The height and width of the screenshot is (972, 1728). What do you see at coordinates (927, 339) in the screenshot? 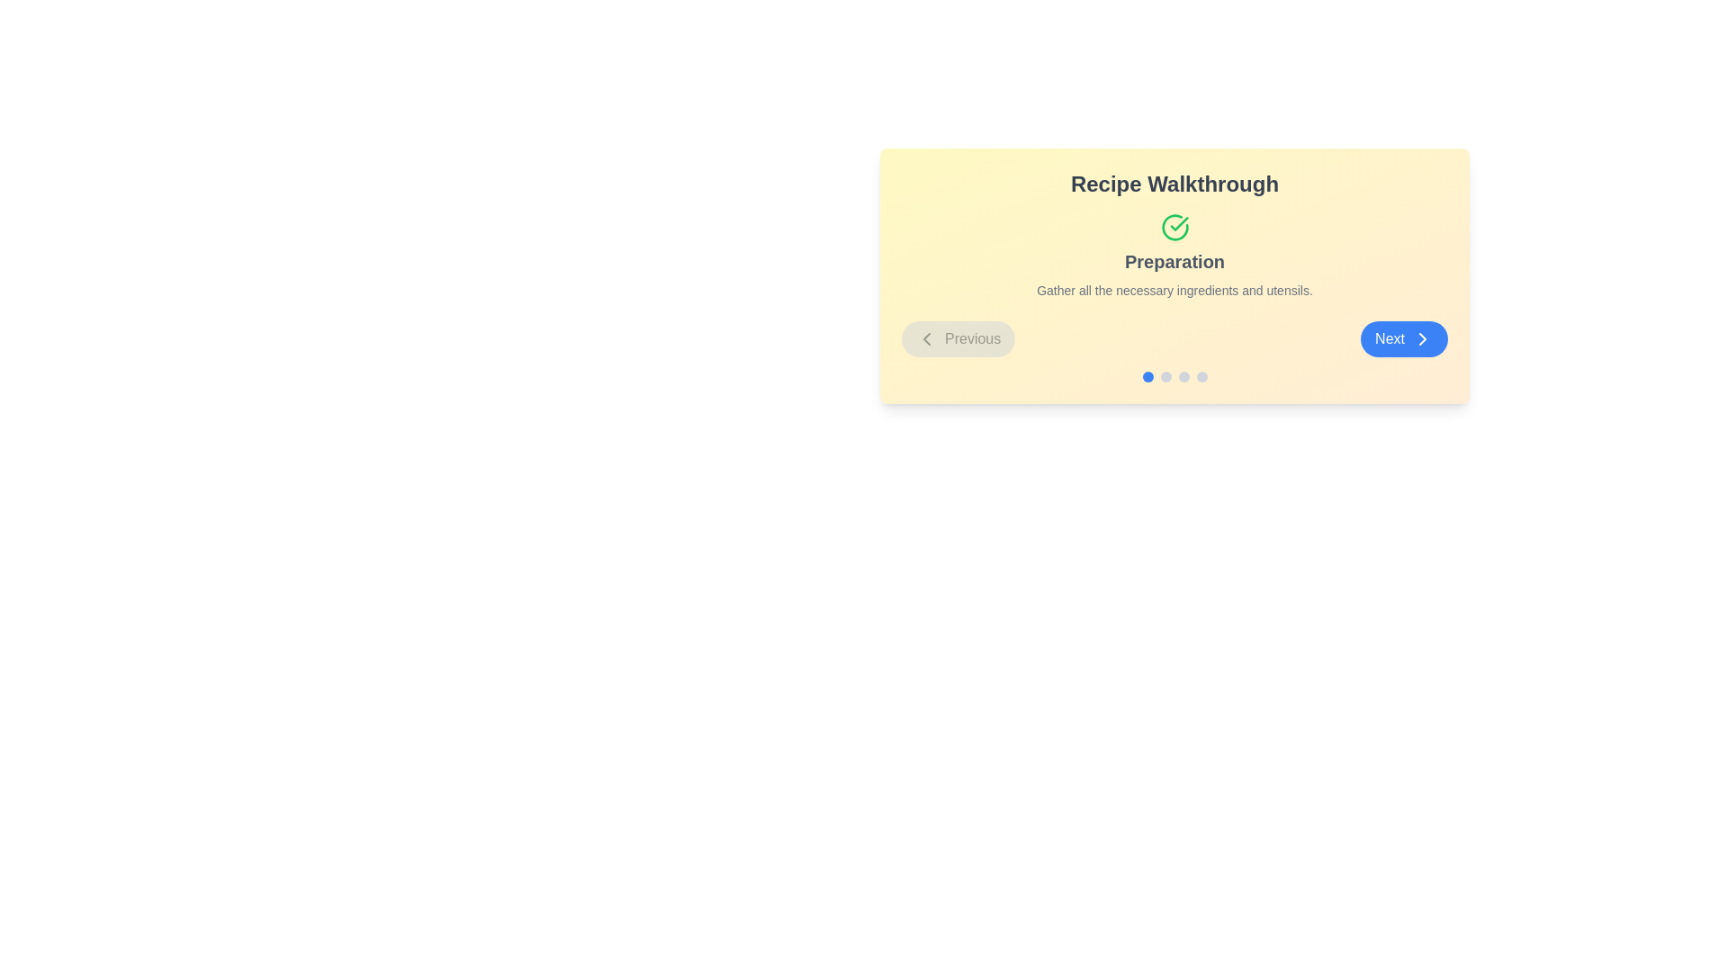
I see `the 'Previous' button which contains the navigation icon located on the left side of the interface` at bounding box center [927, 339].